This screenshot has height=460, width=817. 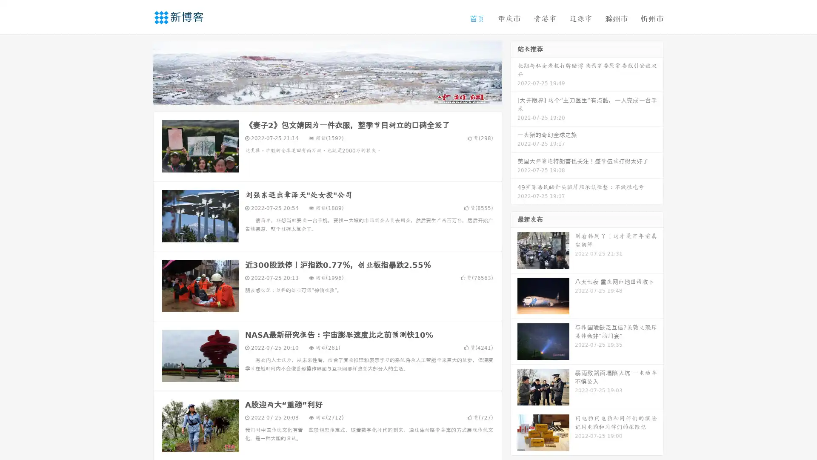 I want to click on Previous slide, so click(x=140, y=72).